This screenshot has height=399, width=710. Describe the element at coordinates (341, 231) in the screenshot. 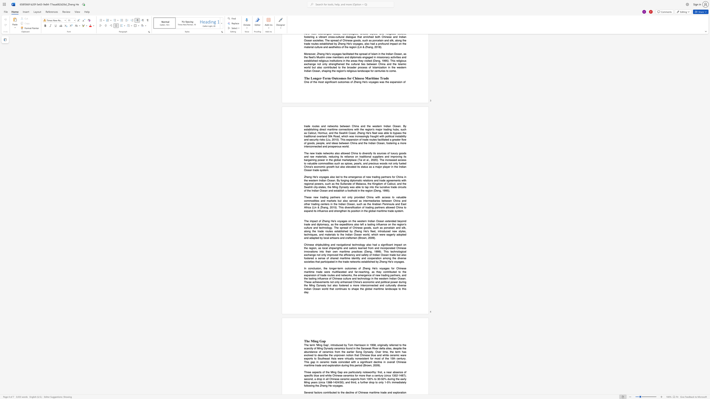

I see `the space between the continuous character "l" and "i" in the text` at that location.